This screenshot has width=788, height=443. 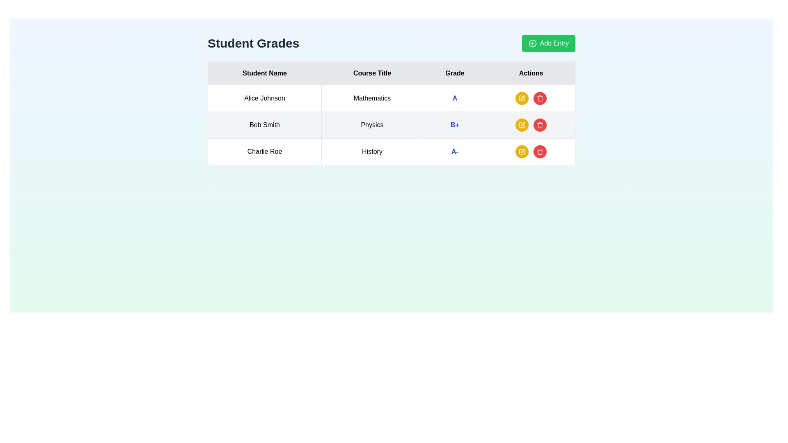 I want to click on the circular yellow button with a white pen icon in the 'Actions' column of the first row in the student grades table, so click(x=522, y=98).